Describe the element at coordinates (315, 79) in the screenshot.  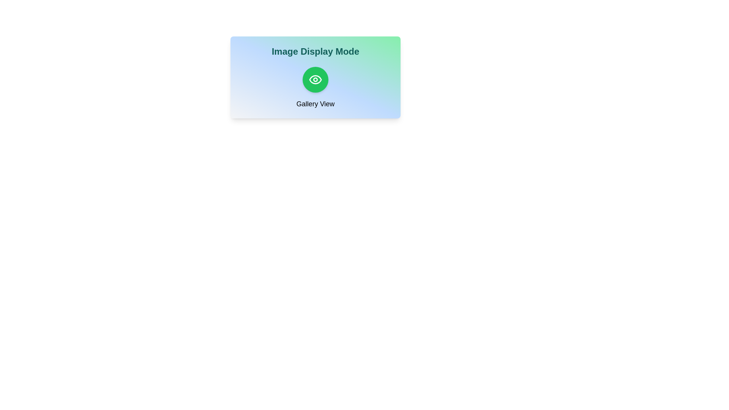
I see `central button to toggle the display mode` at that location.